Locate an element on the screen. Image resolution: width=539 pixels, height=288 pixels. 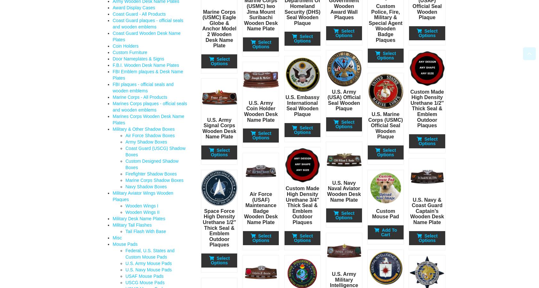
'U.S. Army (USA) Official Seal Wooden Plaque' is located at coordinates (327, 100).